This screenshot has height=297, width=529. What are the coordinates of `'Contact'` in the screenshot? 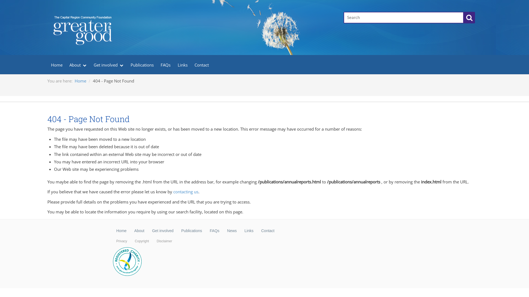 It's located at (268, 231).